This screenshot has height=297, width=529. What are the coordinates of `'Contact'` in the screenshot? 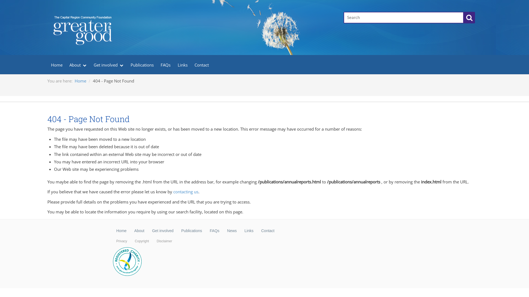 It's located at (268, 231).